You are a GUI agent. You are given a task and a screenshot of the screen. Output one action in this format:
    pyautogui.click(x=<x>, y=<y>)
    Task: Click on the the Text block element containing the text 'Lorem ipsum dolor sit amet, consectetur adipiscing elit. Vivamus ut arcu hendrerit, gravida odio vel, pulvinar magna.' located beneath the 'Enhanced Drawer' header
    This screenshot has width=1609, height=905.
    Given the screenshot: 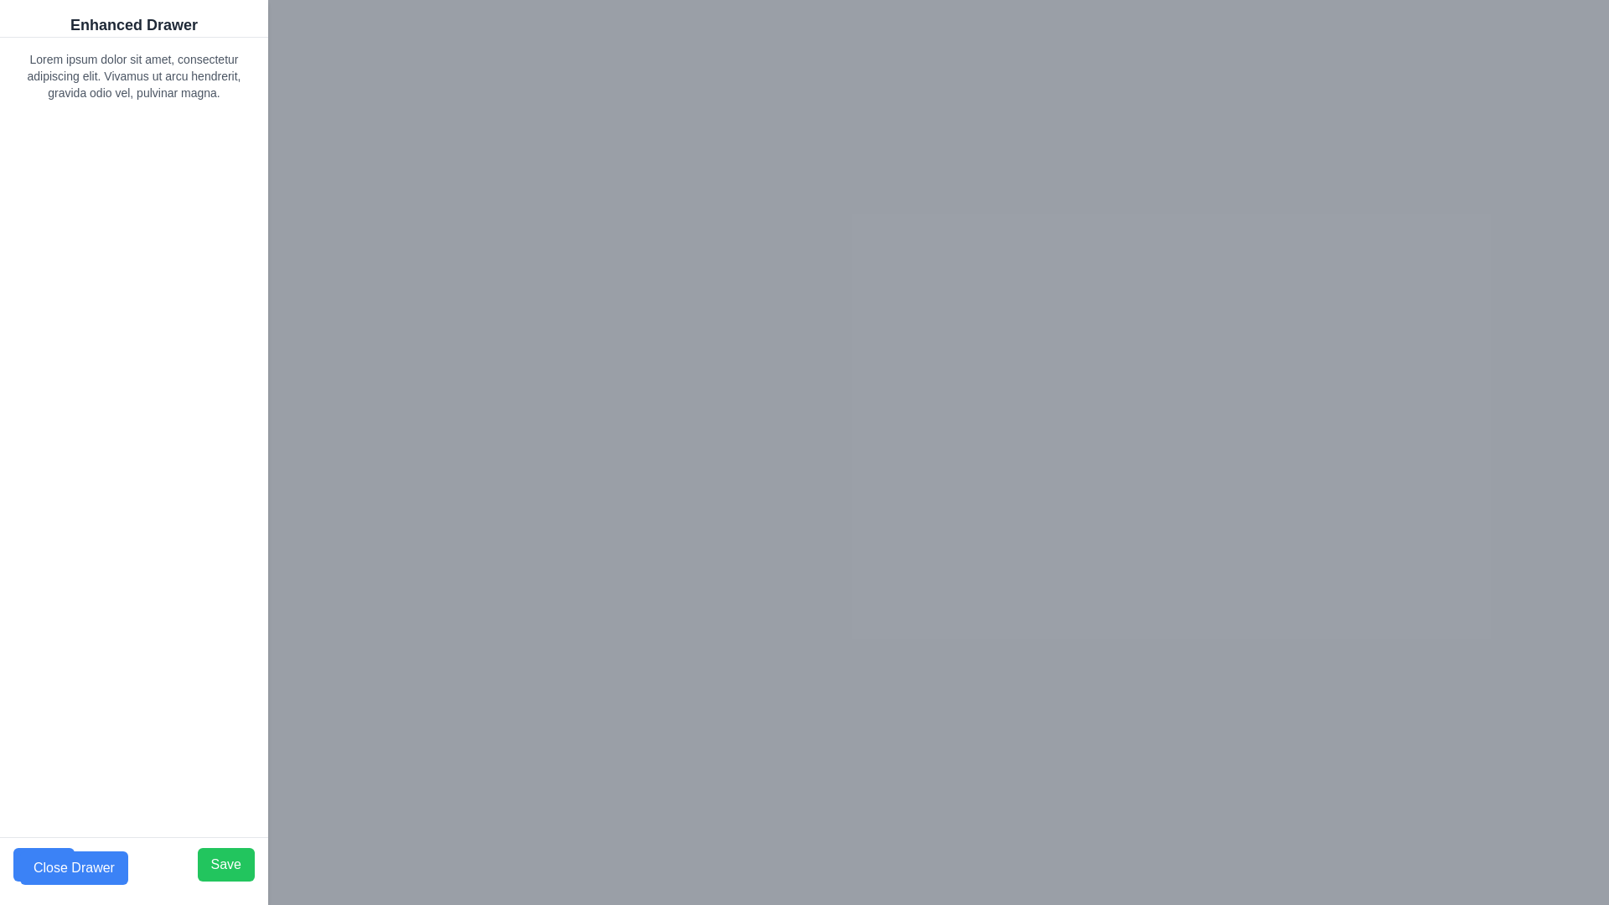 What is the action you would take?
    pyautogui.click(x=132, y=76)
    